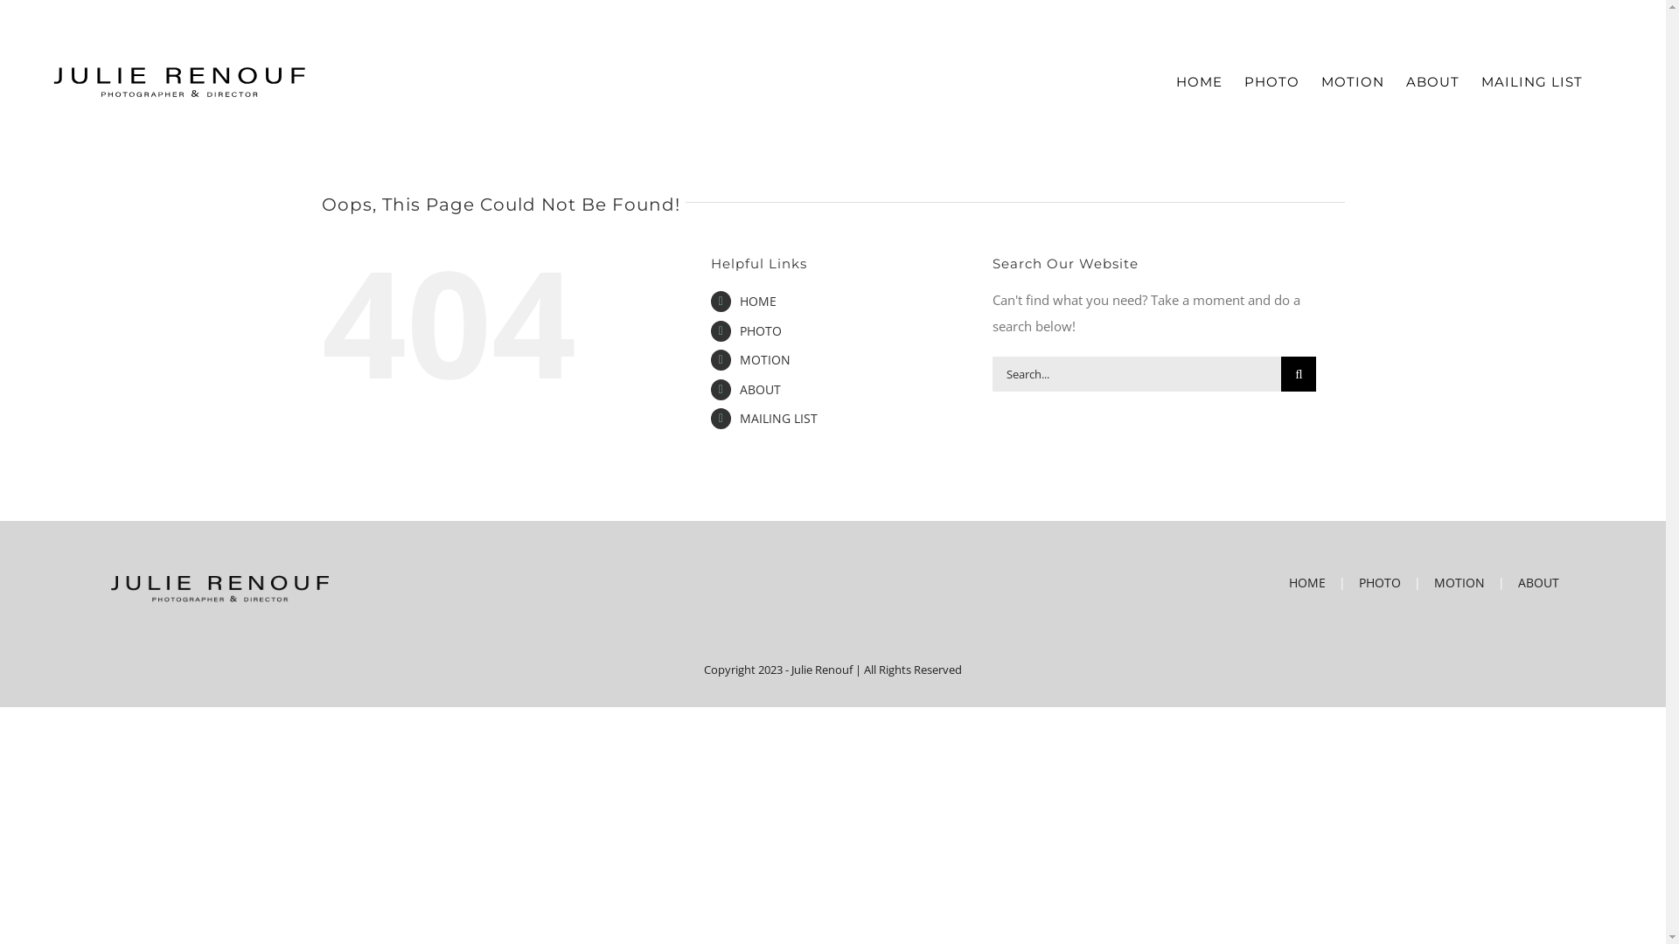  Describe the element at coordinates (1531, 81) in the screenshot. I see `'MAILING LIST'` at that location.